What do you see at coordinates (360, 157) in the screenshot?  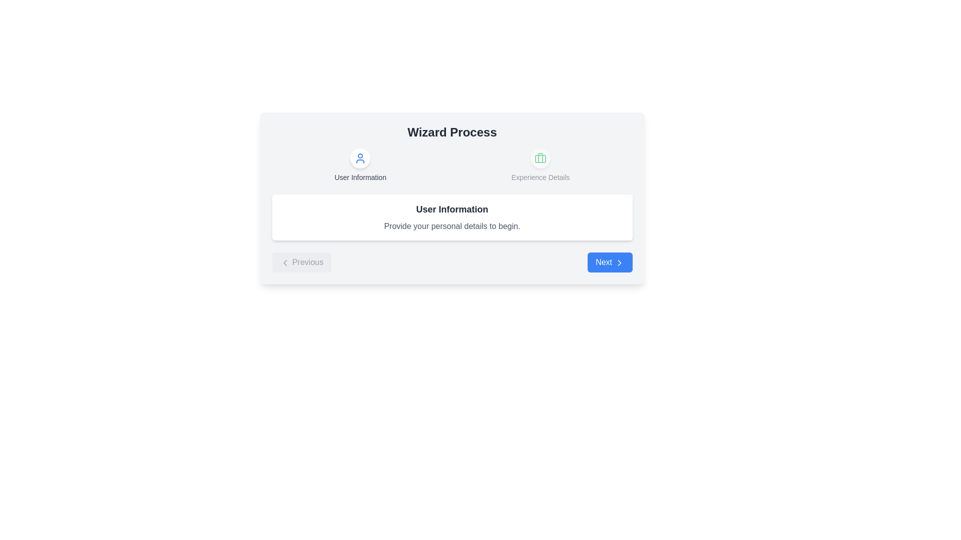 I see `the User icon located within the white circular button on the left side of the header section of the wizard process interface` at bounding box center [360, 157].